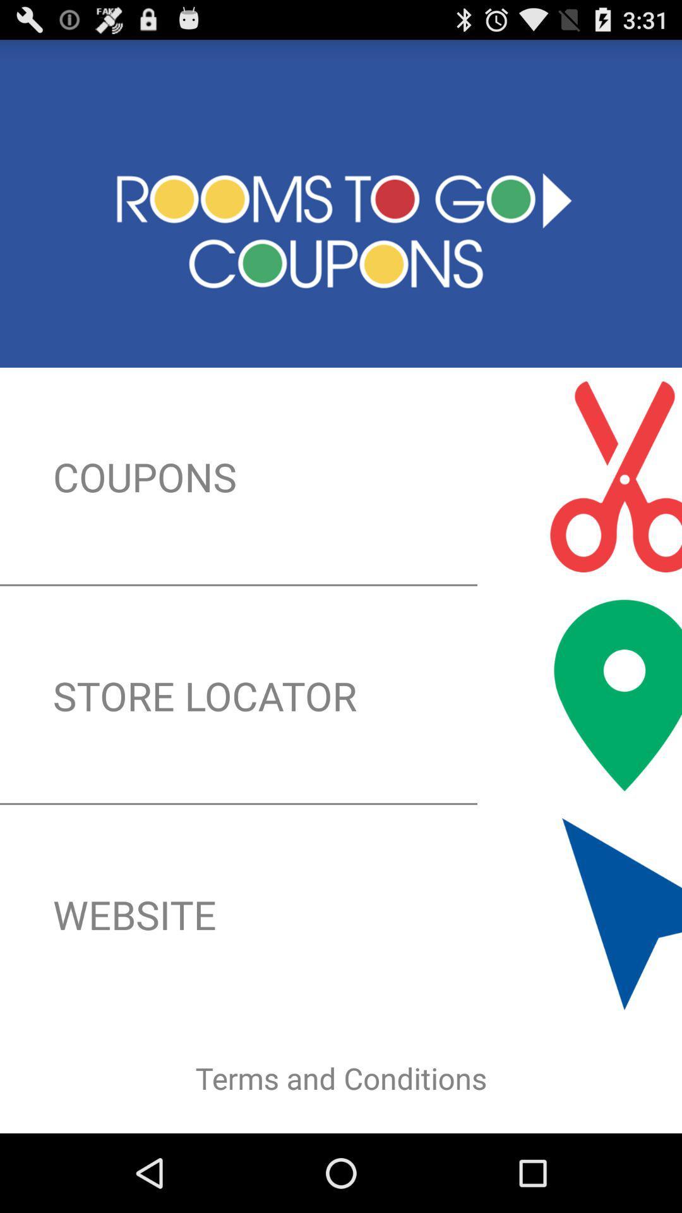 The image size is (682, 1213). Describe the element at coordinates (341, 914) in the screenshot. I see `website button` at that location.